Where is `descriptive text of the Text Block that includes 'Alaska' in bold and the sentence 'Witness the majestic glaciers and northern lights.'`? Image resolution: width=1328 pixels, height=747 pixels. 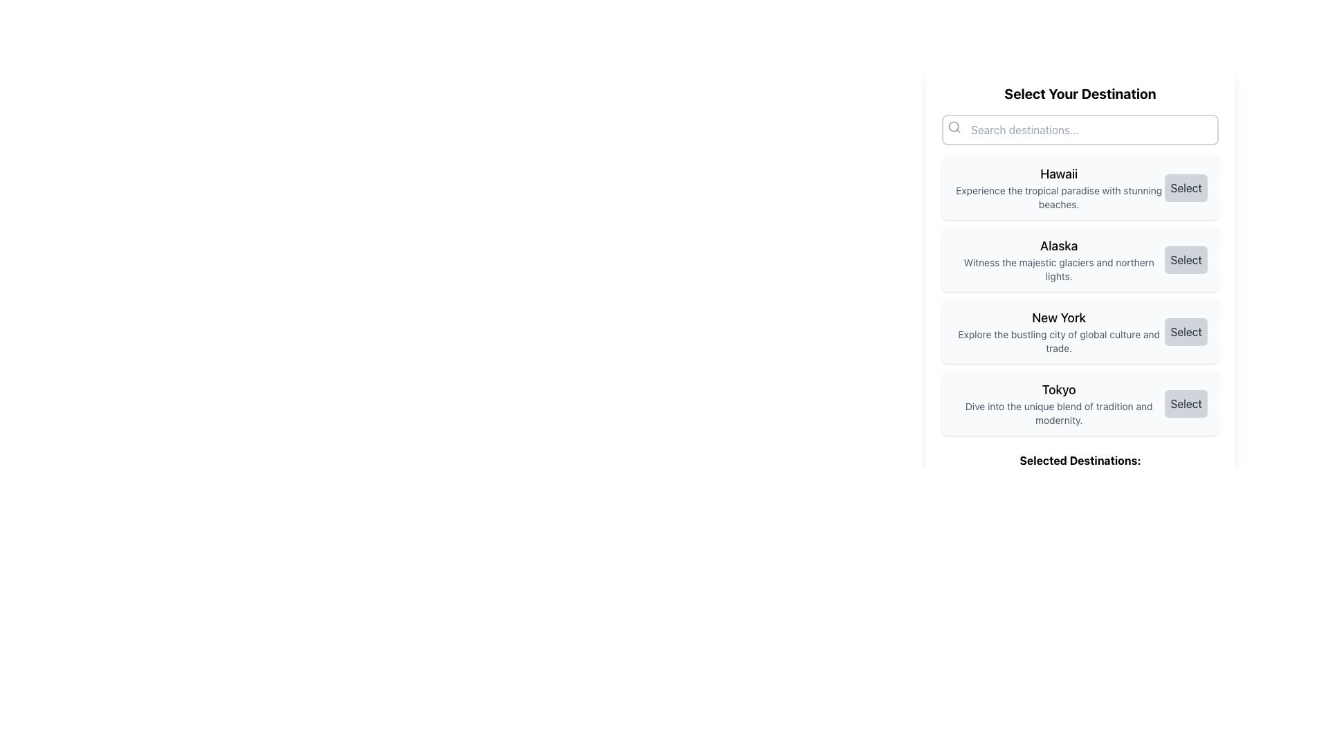
descriptive text of the Text Block that includes 'Alaska' in bold and the sentence 'Witness the majestic glaciers and northern lights.' is located at coordinates (1058, 259).